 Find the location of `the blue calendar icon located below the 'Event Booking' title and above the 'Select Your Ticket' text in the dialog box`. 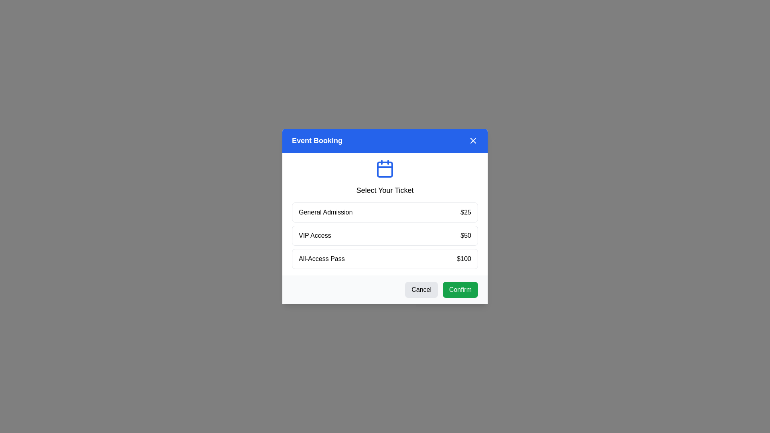

the blue calendar icon located below the 'Event Booking' title and above the 'Select Your Ticket' text in the dialog box is located at coordinates (385, 168).